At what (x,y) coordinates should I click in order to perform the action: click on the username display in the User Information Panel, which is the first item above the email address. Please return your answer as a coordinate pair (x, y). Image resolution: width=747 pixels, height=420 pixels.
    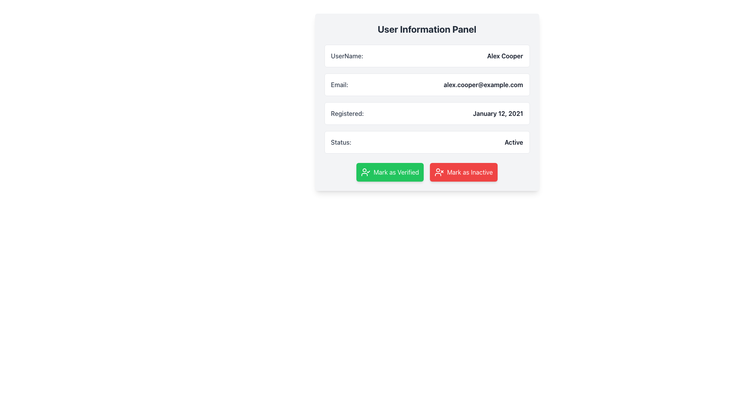
    Looking at the image, I should click on (426, 55).